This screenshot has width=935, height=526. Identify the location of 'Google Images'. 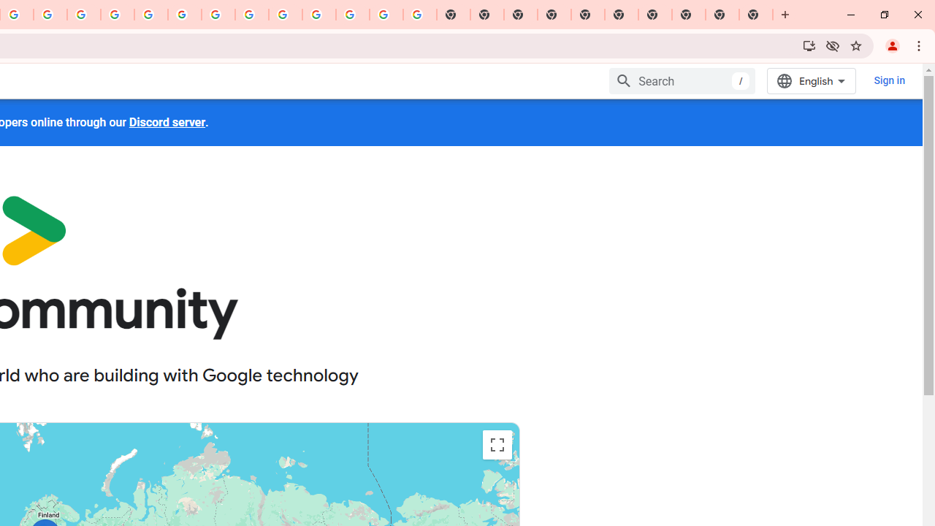
(419, 15).